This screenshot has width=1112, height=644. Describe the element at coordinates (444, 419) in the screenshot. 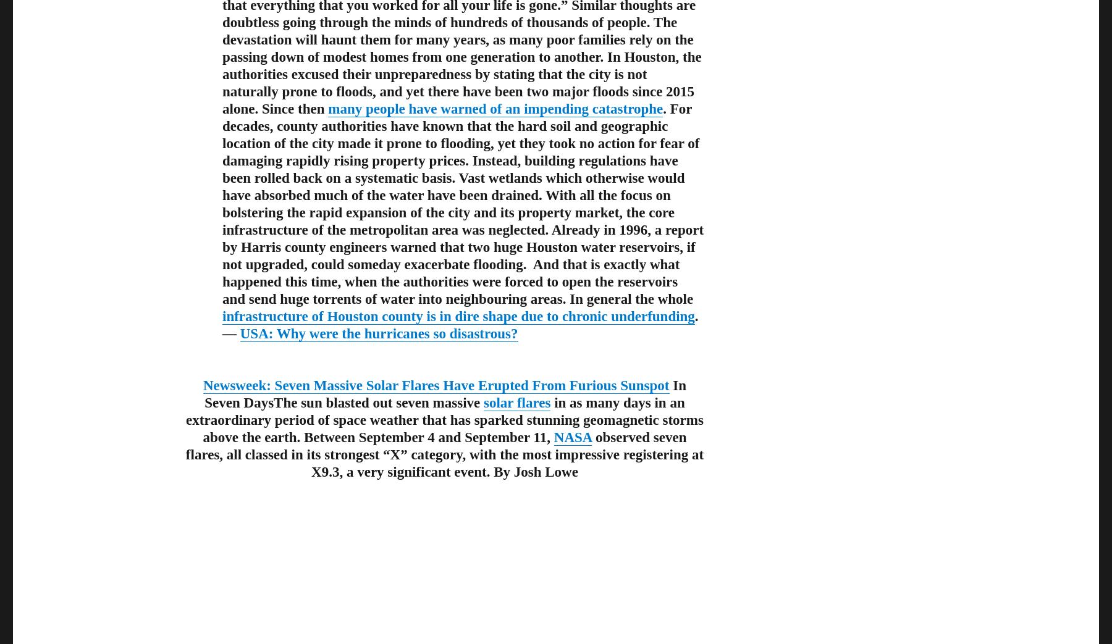

I see `'in as many days in an extraordinary period of space weather that has sparked stunning geomagnetic storms above the earth. Between September 4 and September 11,'` at that location.